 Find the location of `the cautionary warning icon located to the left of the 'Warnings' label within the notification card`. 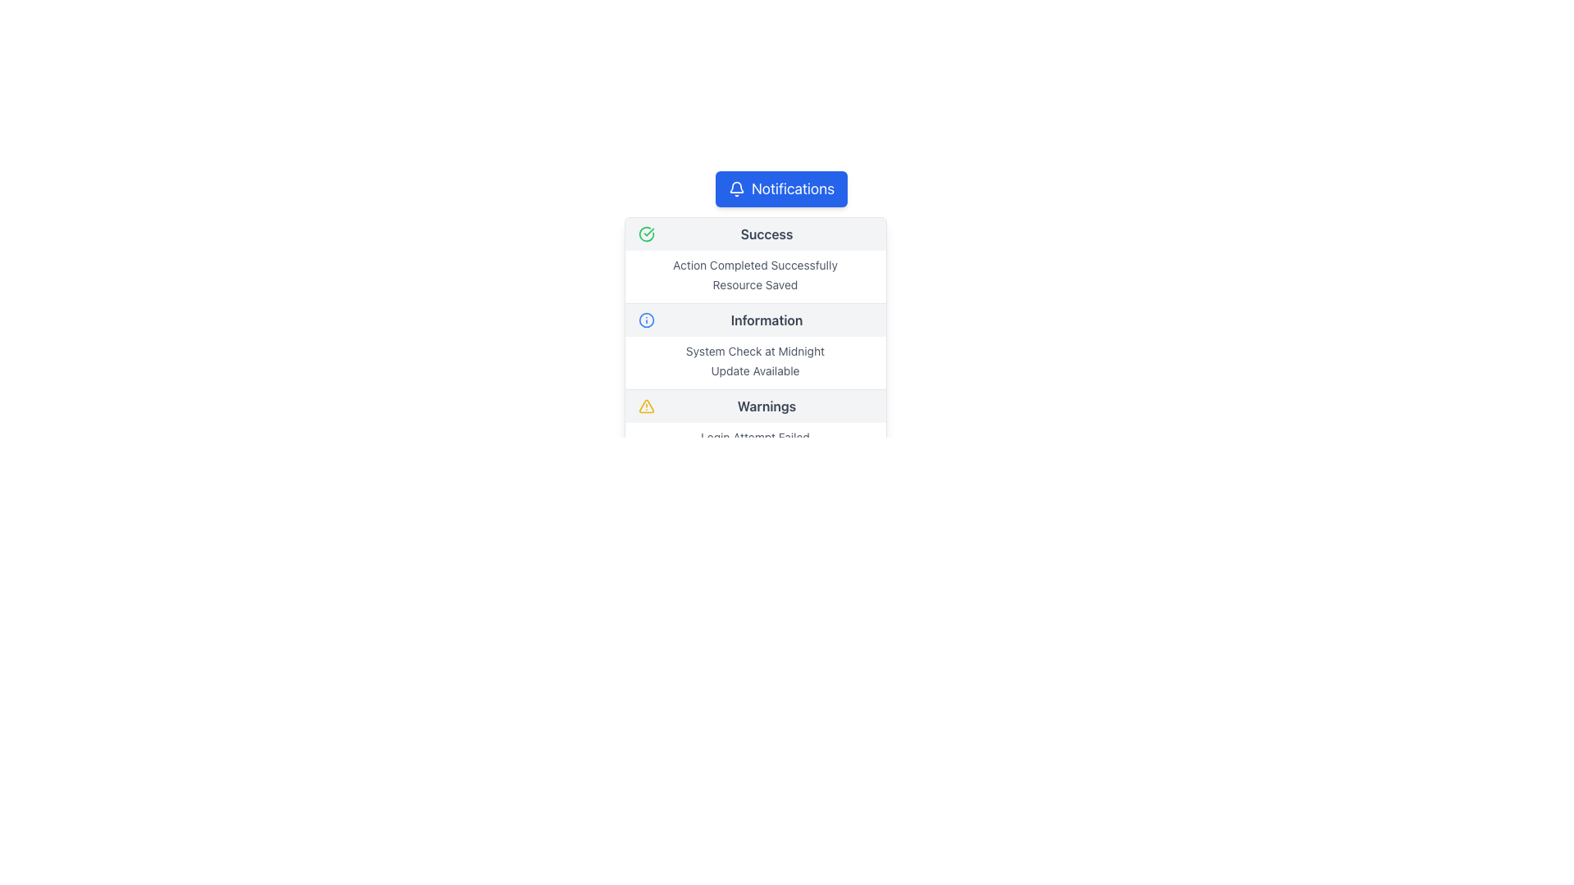

the cautionary warning icon located to the left of the 'Warnings' label within the notification card is located at coordinates (645, 406).